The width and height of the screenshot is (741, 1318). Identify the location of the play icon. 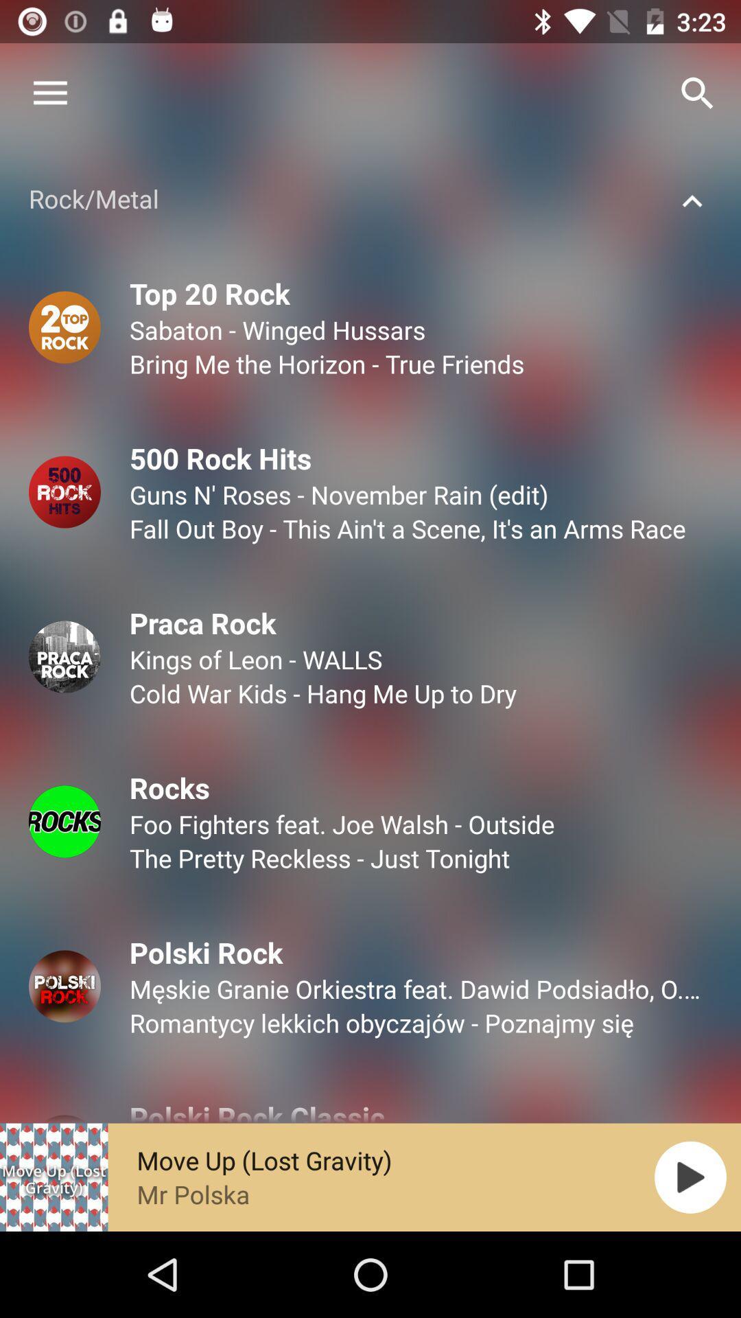
(690, 1177).